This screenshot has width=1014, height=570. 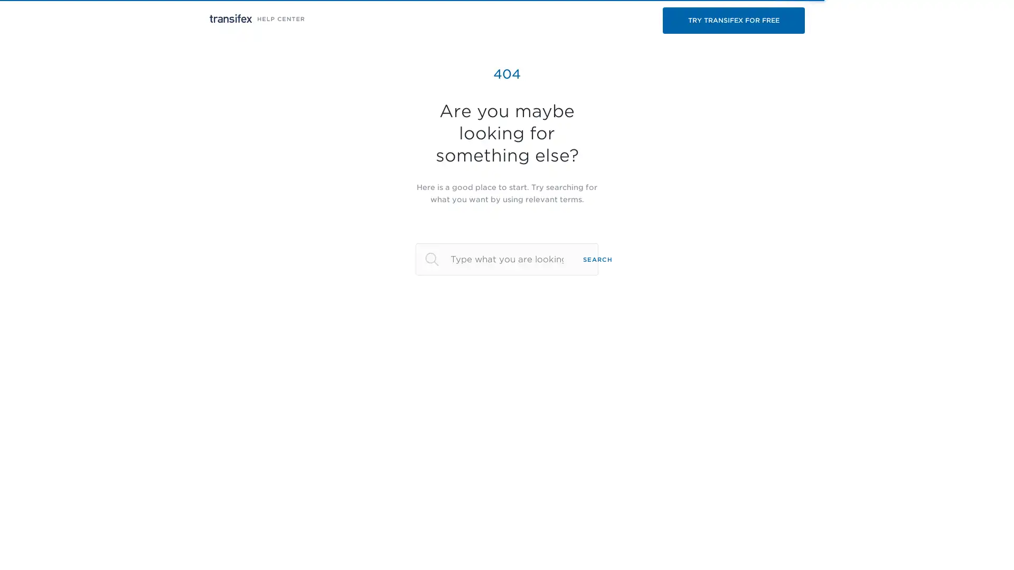 I want to click on SEARCH, so click(x=598, y=259).